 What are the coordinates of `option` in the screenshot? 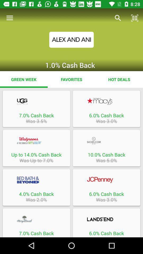 It's located at (36, 219).